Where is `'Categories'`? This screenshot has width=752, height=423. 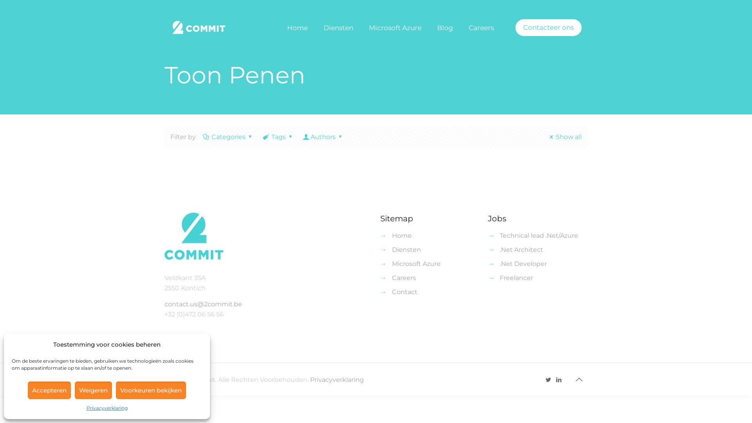
'Categories' is located at coordinates (201, 136).